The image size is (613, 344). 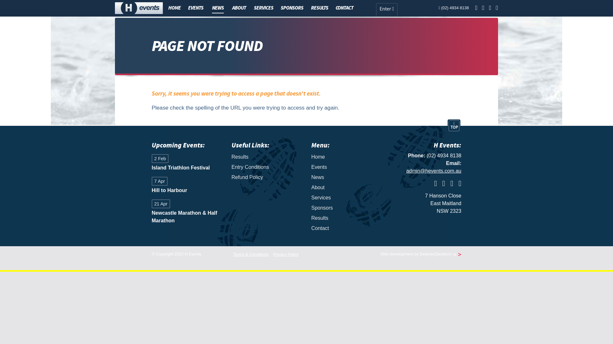 What do you see at coordinates (346, 208) in the screenshot?
I see `'Sponsors'` at bounding box center [346, 208].